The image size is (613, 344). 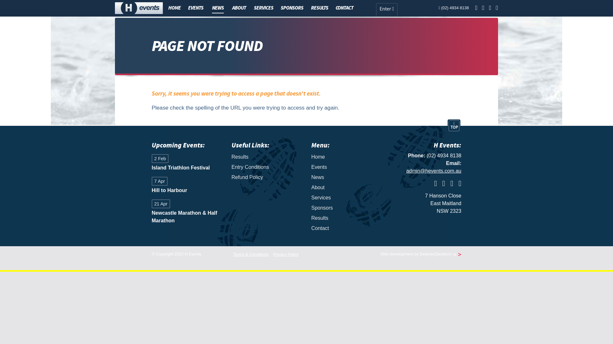 What do you see at coordinates (346, 208) in the screenshot?
I see `'Sponsors'` at bounding box center [346, 208].